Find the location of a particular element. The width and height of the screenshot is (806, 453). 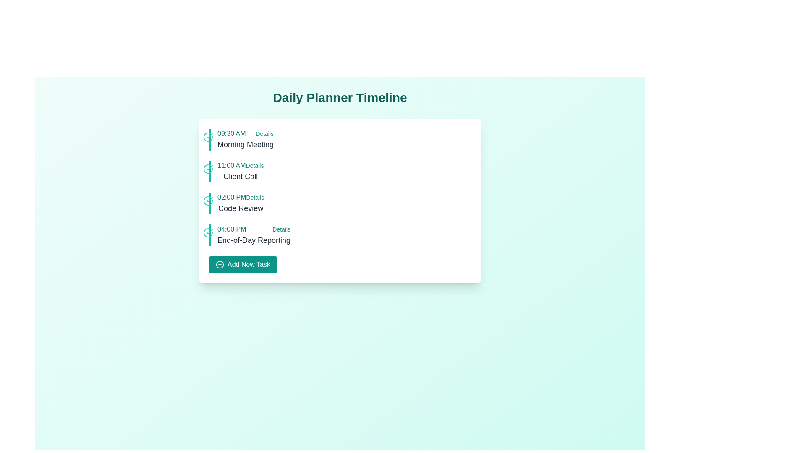

the text display showing '09:30 AM' in teal color, which is positioned at the top of the timeline scheduling interface is located at coordinates (231, 133).